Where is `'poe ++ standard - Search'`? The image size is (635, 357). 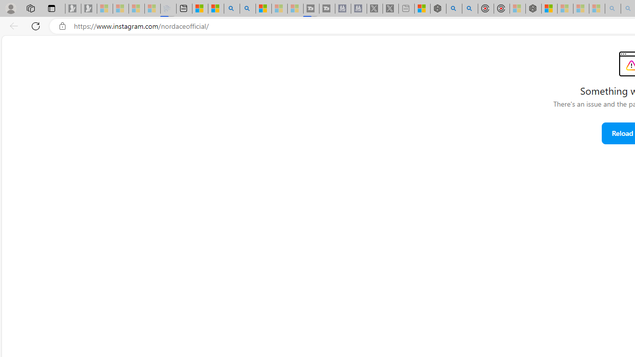
'poe ++ standard - Search' is located at coordinates (469, 8).